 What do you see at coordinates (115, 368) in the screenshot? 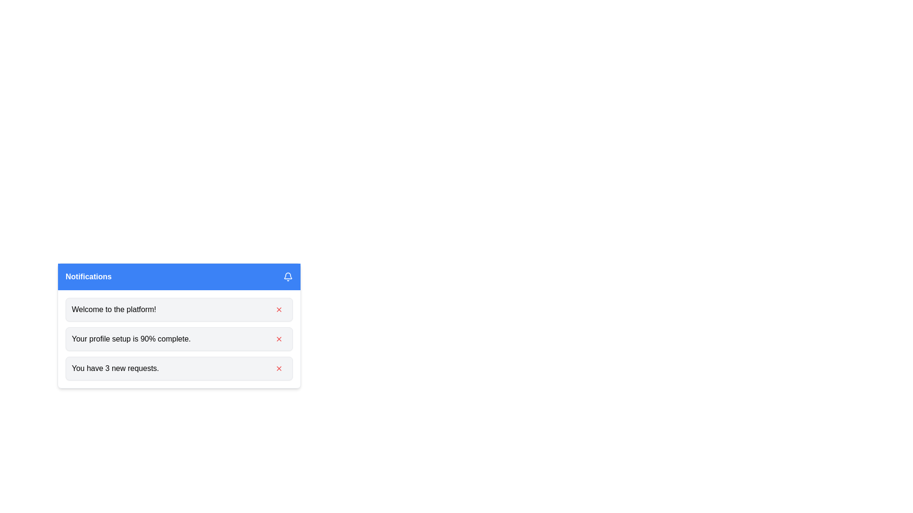
I see `the TextLabel displaying 'You have 3 new requests.' which is located in the third notification card of the notification panel` at bounding box center [115, 368].